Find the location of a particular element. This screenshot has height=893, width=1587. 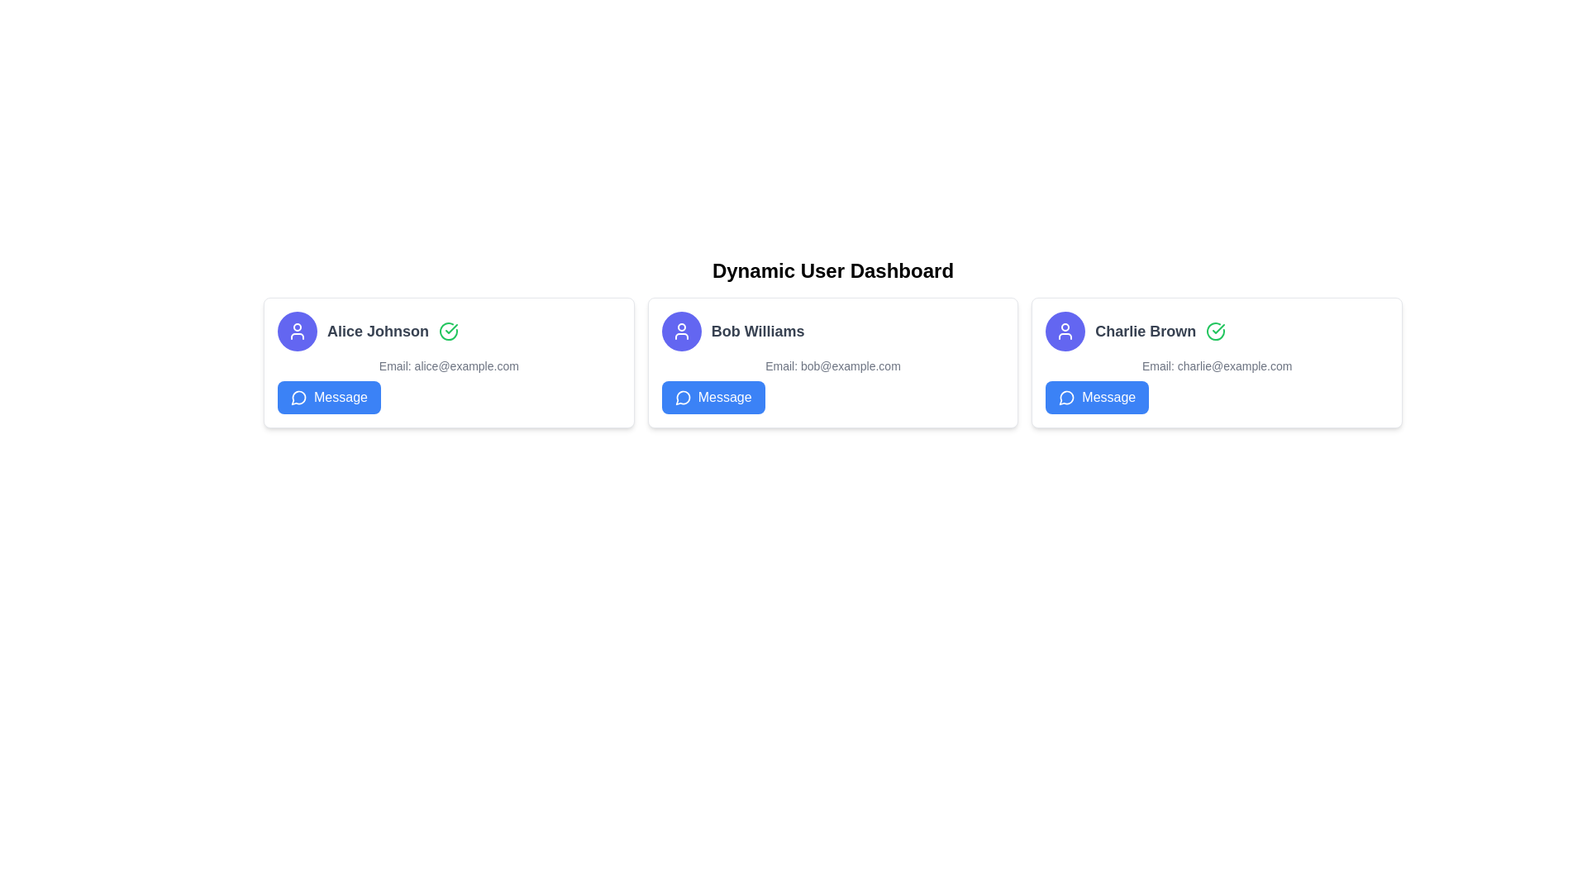

the 'Message' icon is located at coordinates (1067, 398).